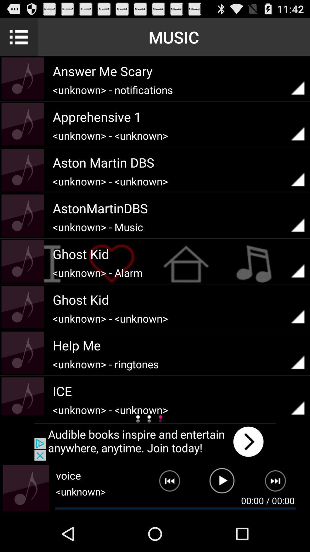  Describe the element at coordinates (18, 39) in the screenshot. I see `the list icon` at that location.